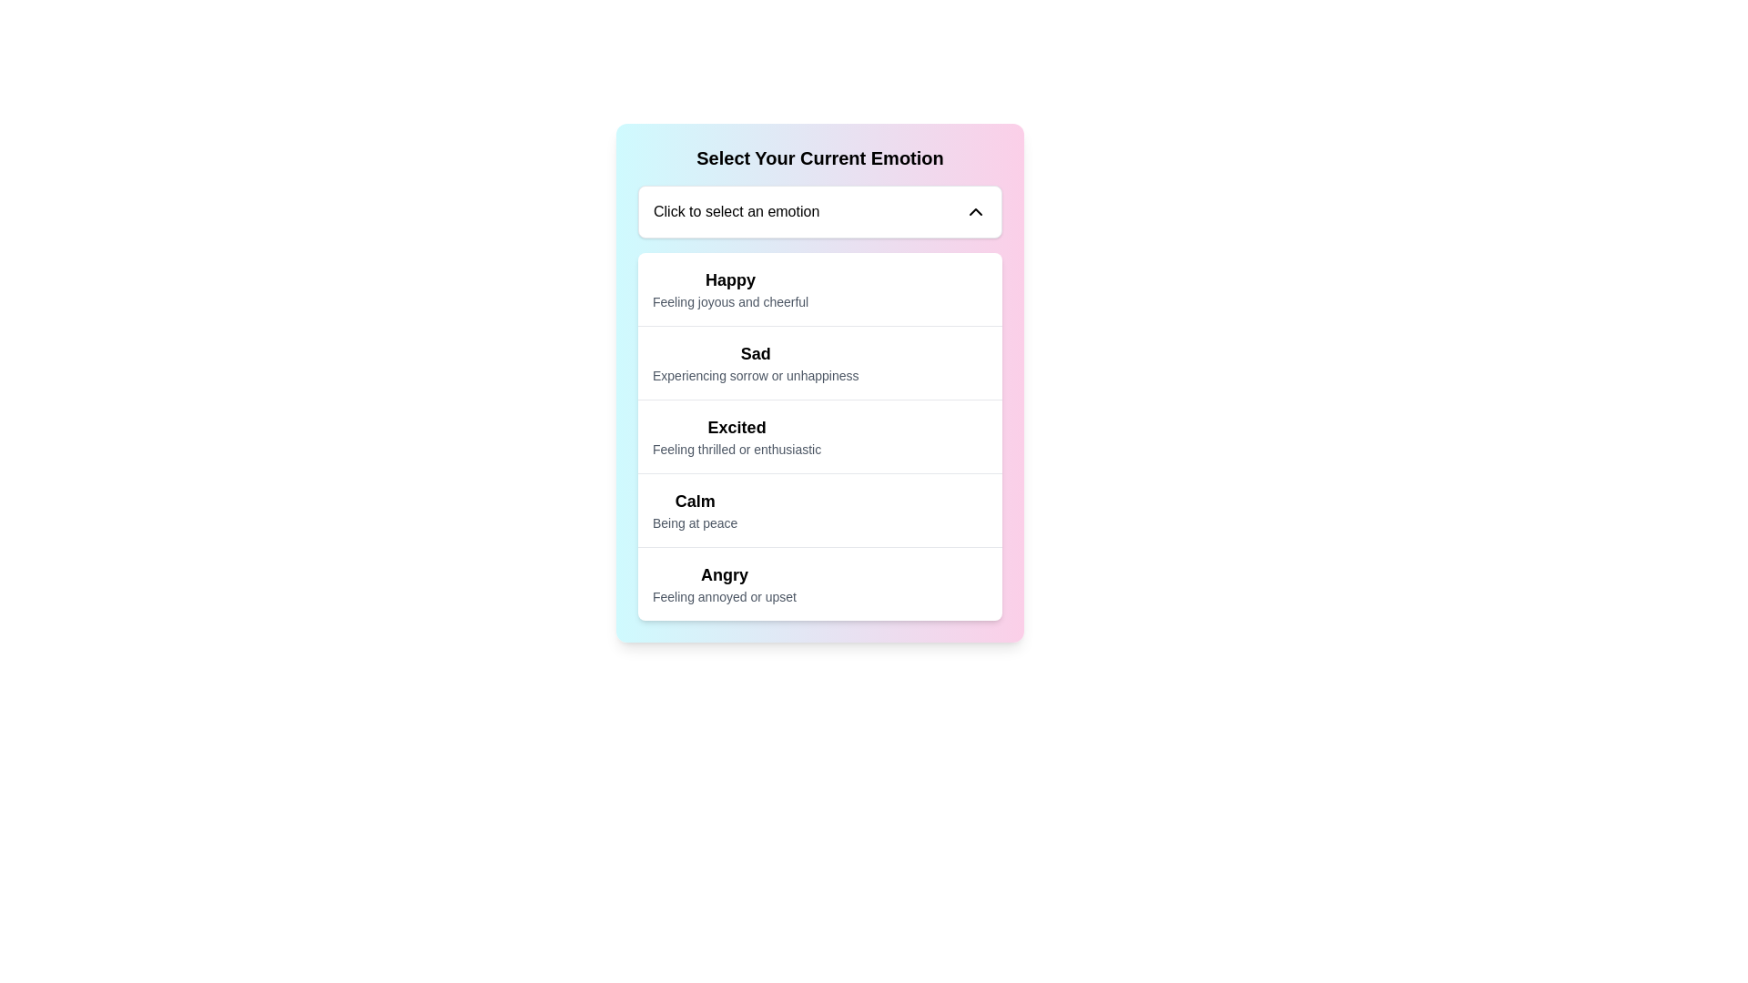 This screenshot has height=983, width=1748. I want to click on the upward-pointing chevron icon located at the far right side of the 'Click to select an emotion' box, so click(974, 210).